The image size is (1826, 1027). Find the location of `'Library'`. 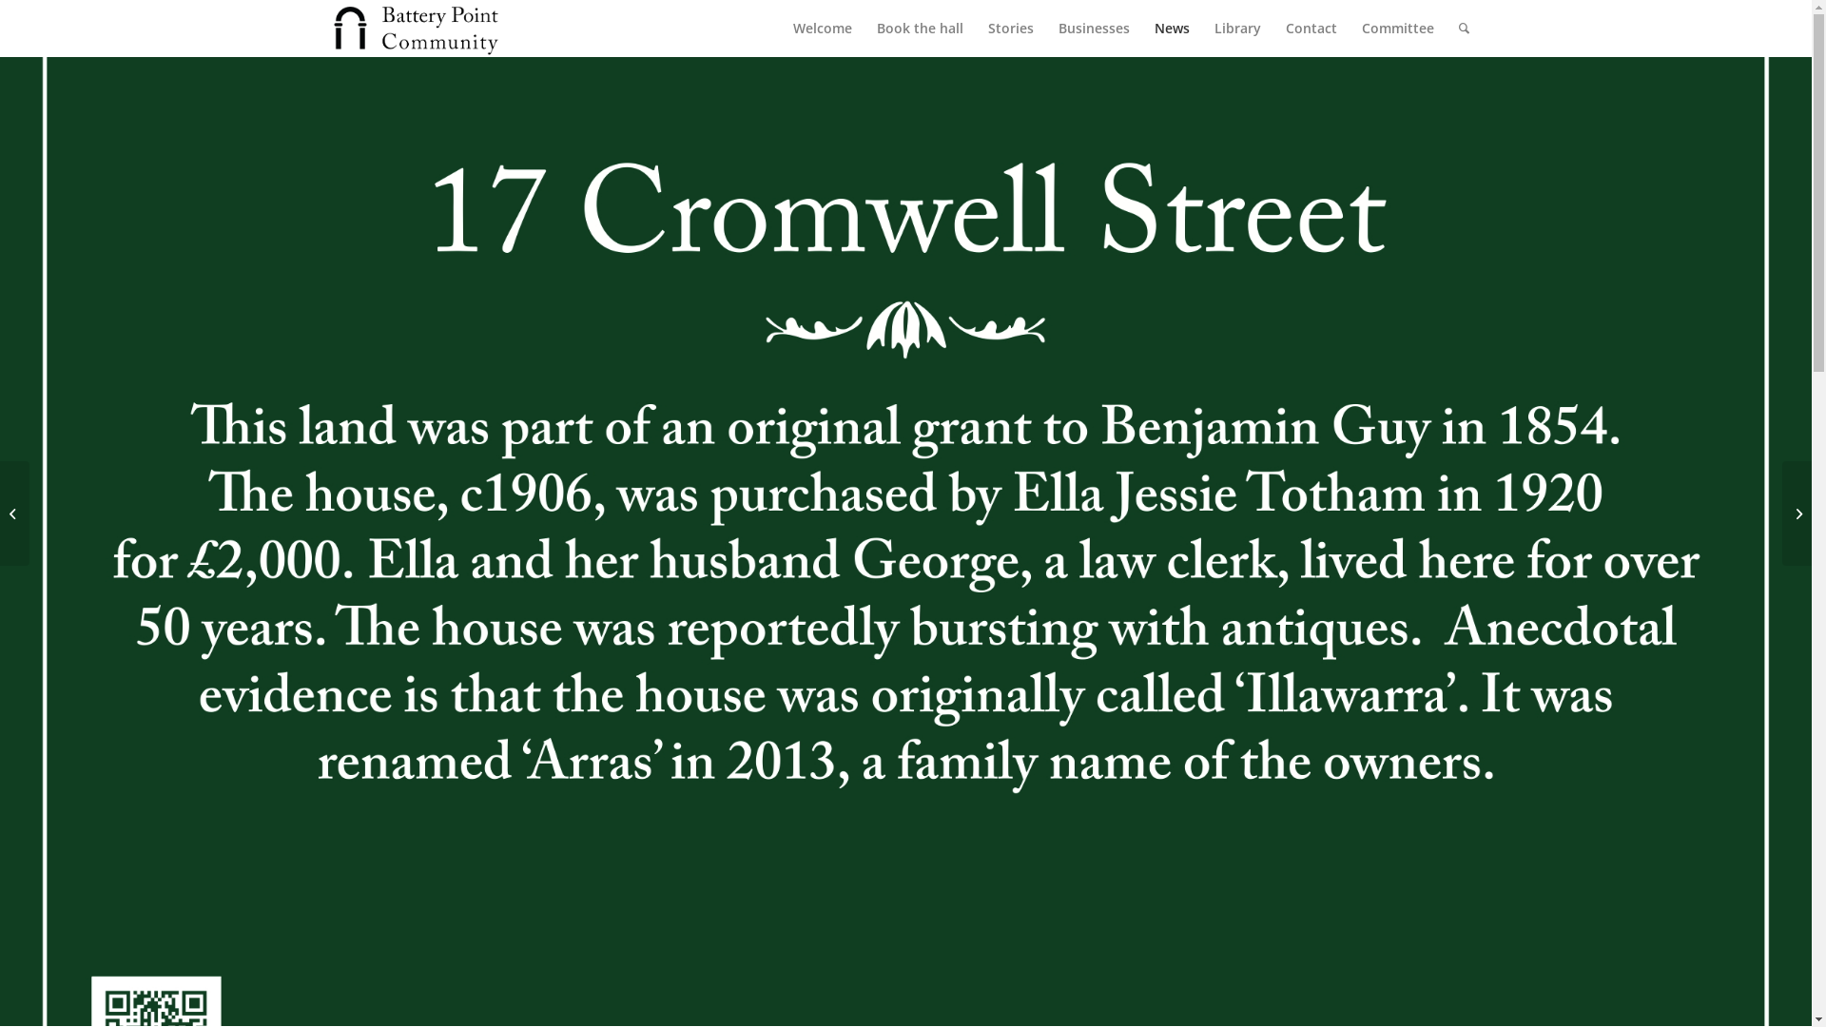

'Library' is located at coordinates (1200, 29).